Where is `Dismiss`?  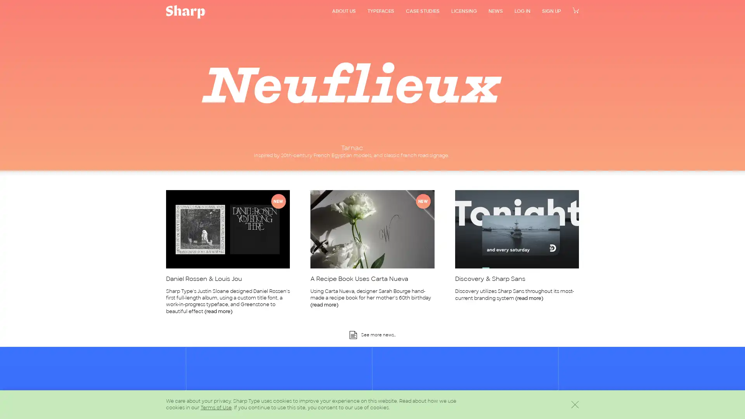
Dismiss is located at coordinates (575, 403).